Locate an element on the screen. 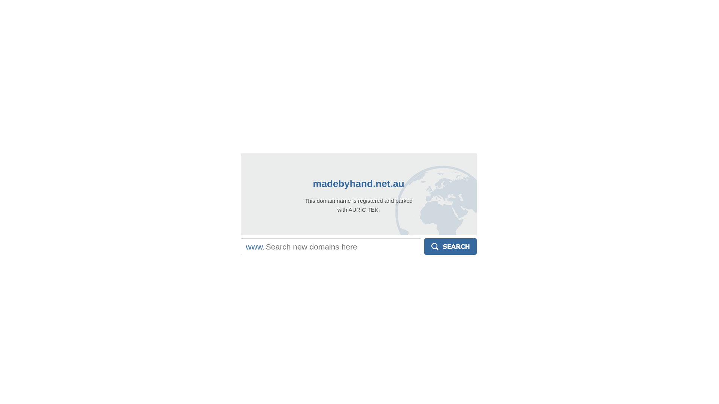  'Search' is located at coordinates (450, 247).